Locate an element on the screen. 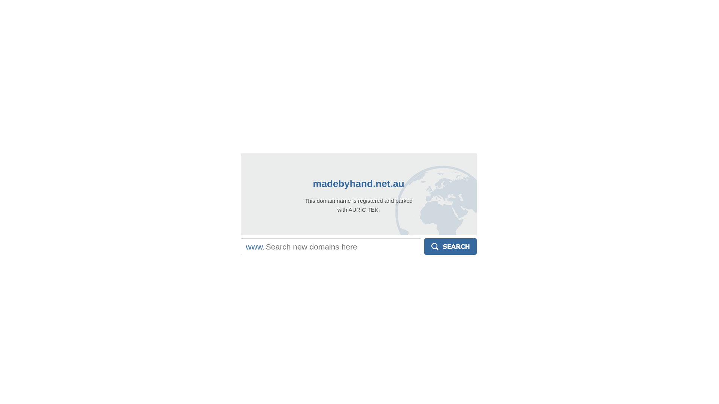  'Search' is located at coordinates (450, 247).